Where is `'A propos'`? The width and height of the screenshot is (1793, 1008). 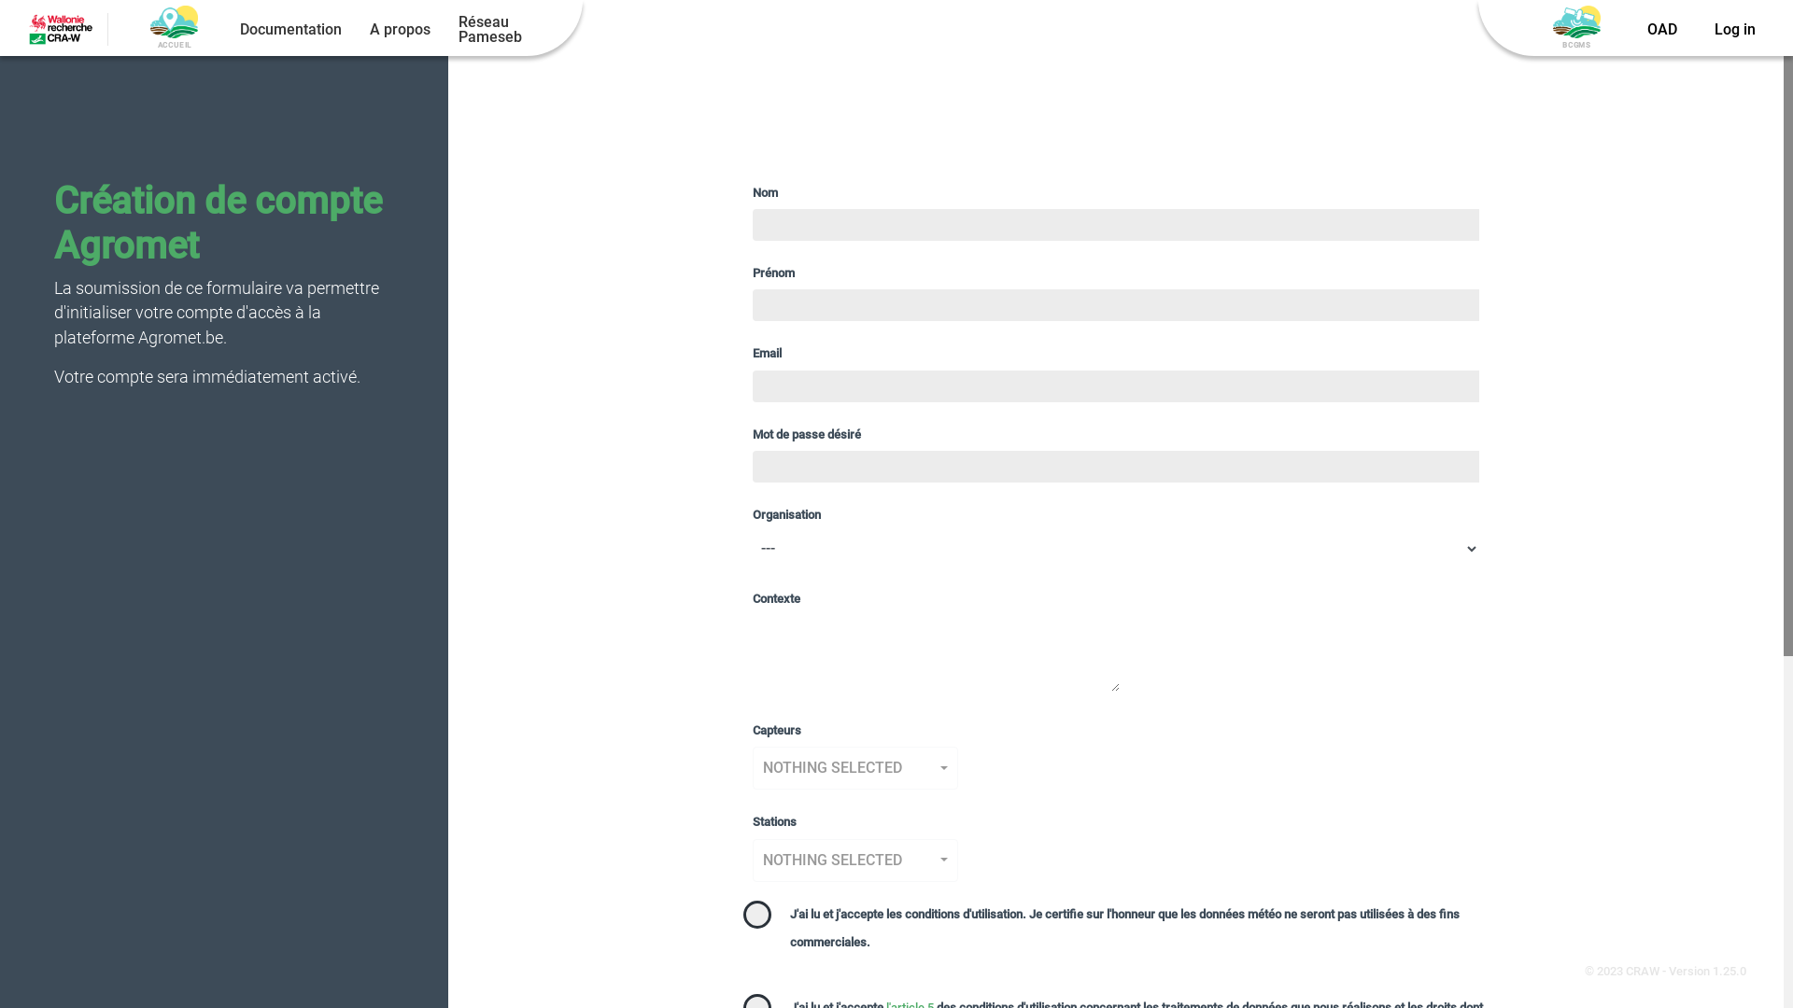
'A propos' is located at coordinates (399, 29).